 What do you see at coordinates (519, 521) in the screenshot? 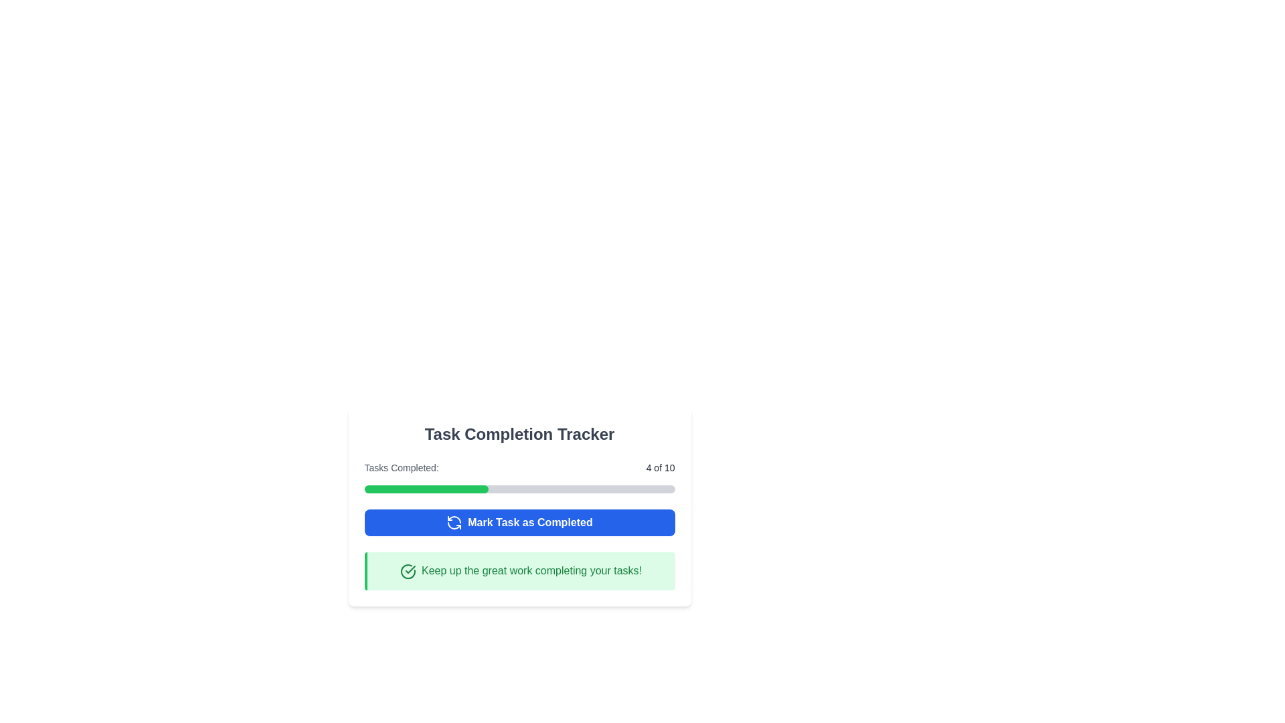
I see `the button located below the progress bar in the task tracker section to mark a task as completed` at bounding box center [519, 521].